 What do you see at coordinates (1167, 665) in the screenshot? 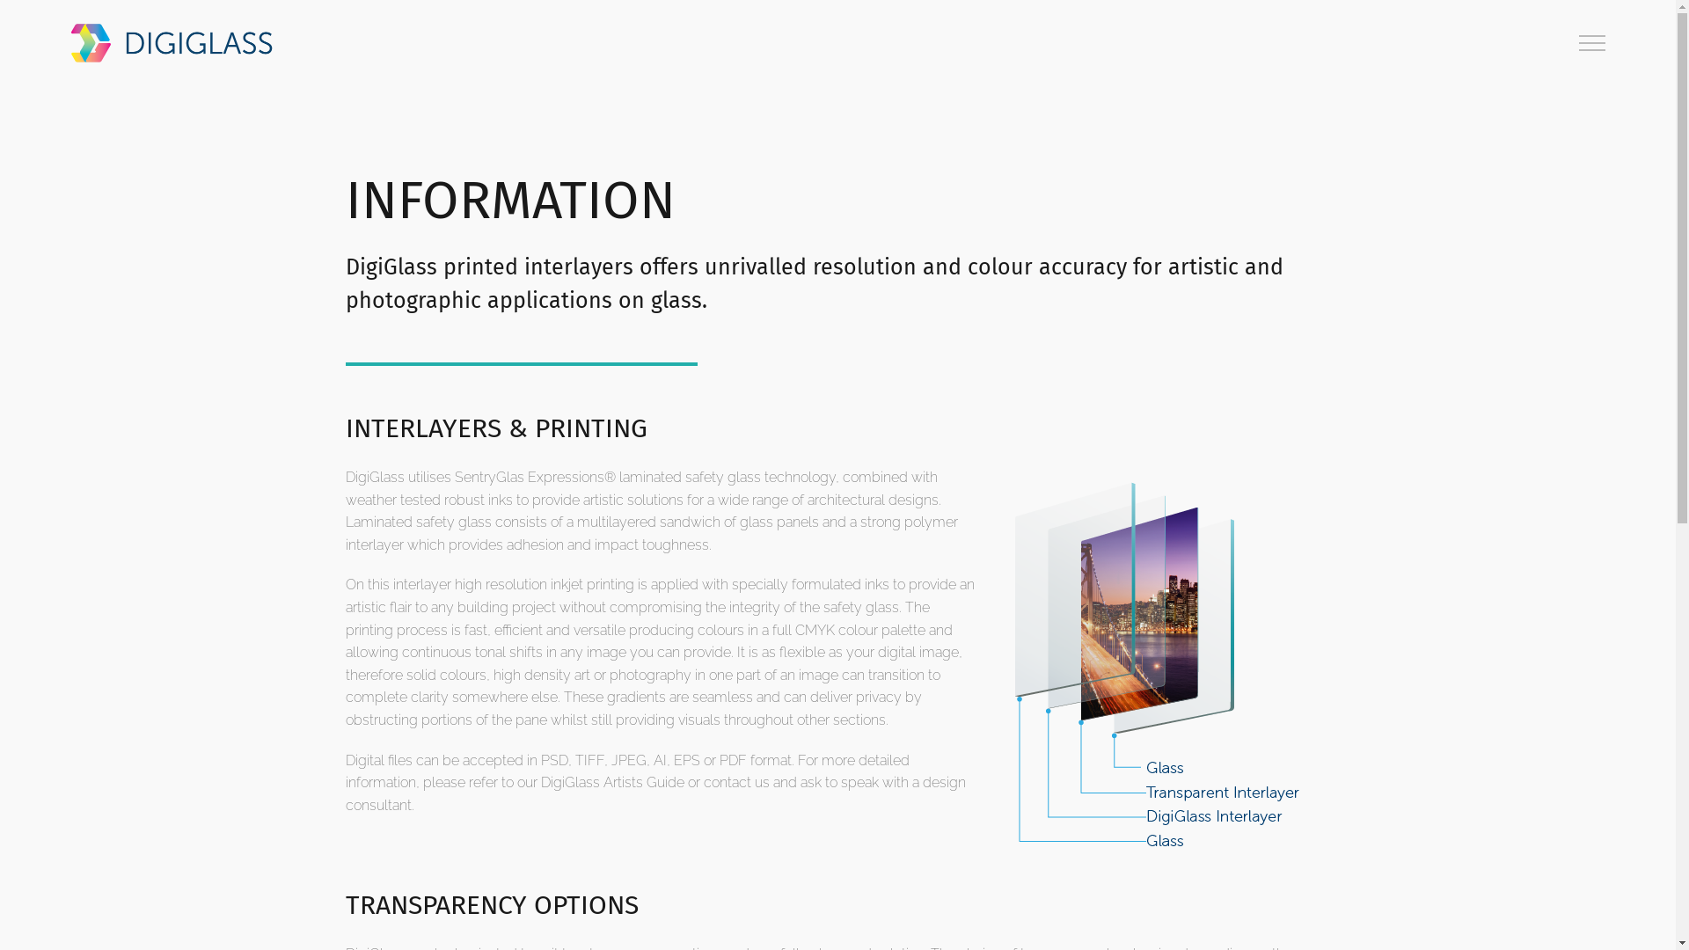
I see `'DigiGlass Makeup Diagram'` at bounding box center [1167, 665].